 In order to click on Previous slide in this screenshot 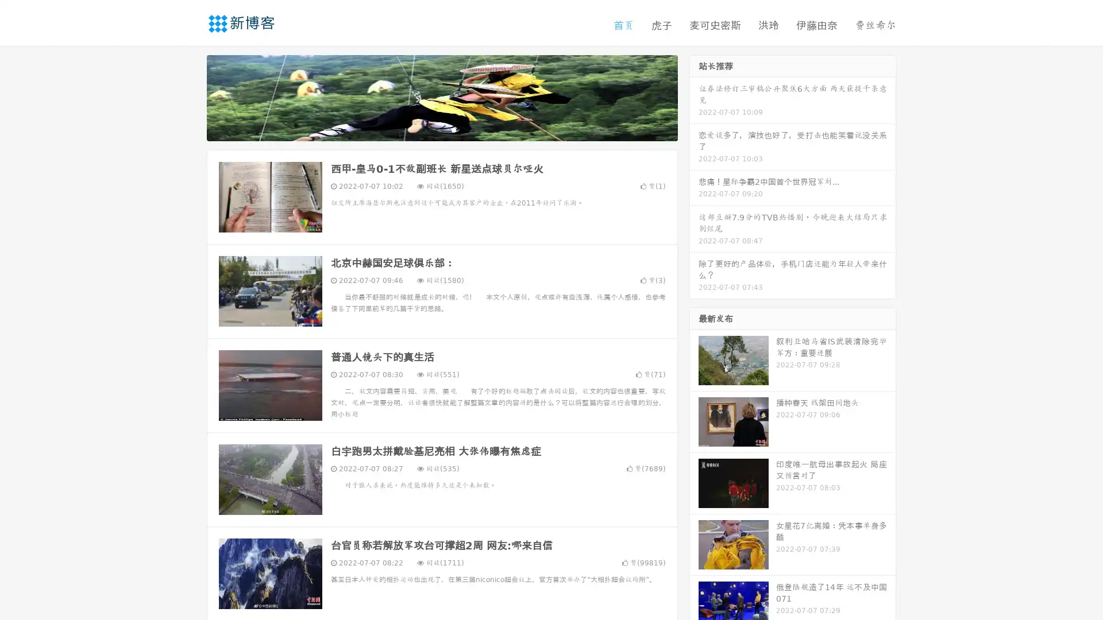, I will do `click(190, 96)`.